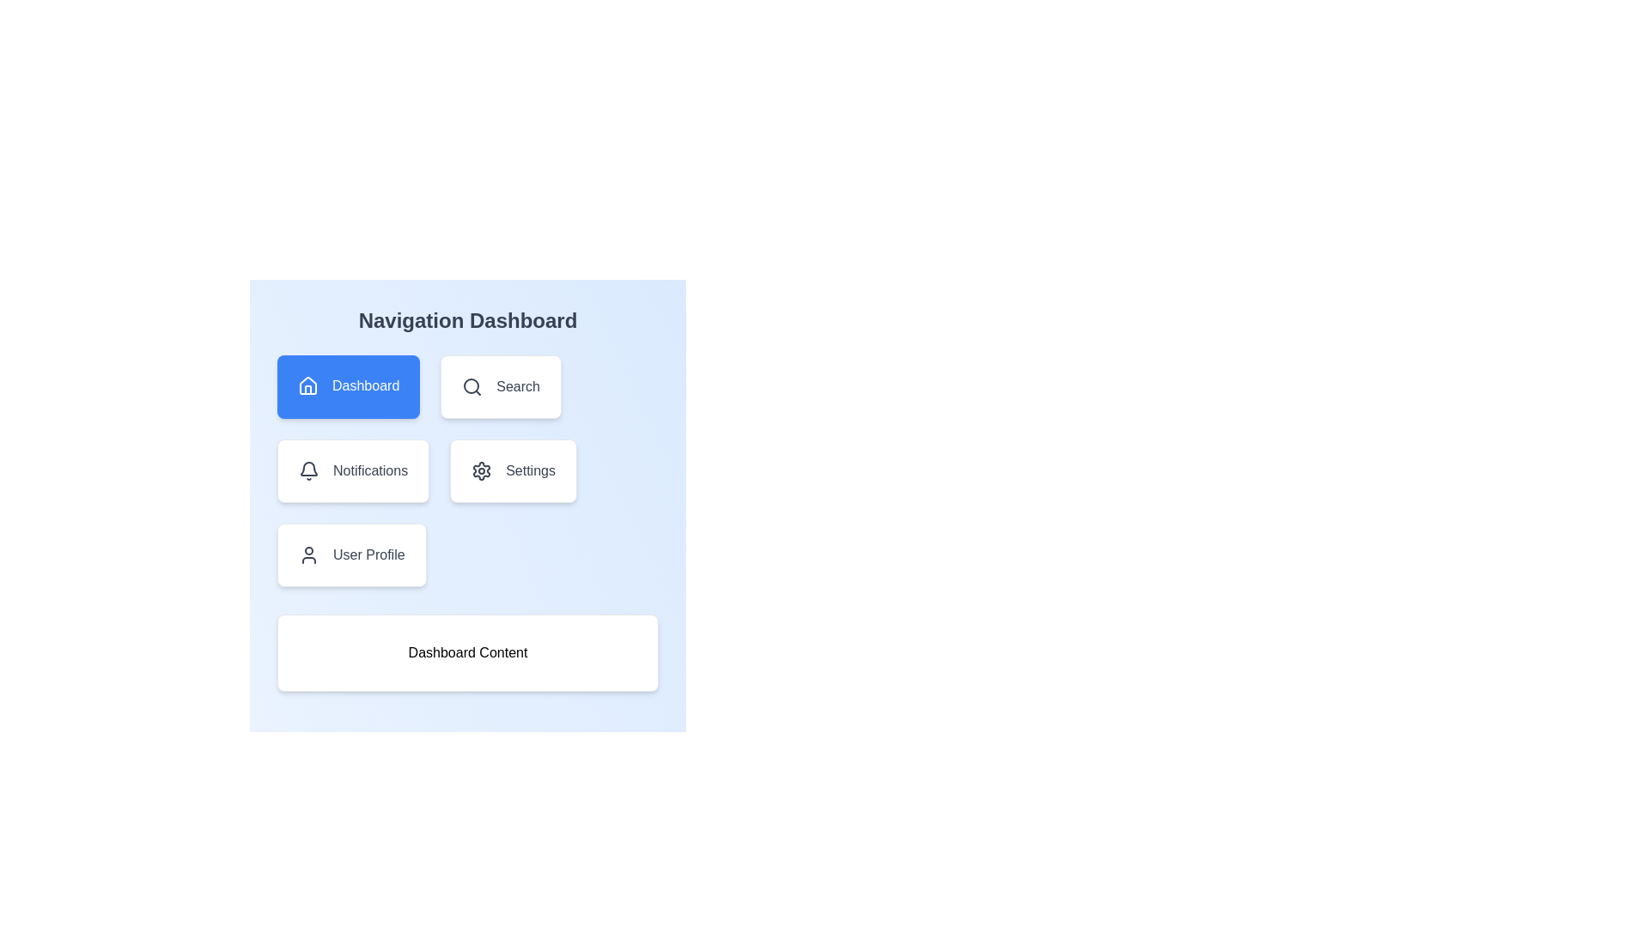 This screenshot has width=1649, height=927. What do you see at coordinates (348, 387) in the screenshot?
I see `the blue 'Dashboard' button located in the top-left quadrant of the interface` at bounding box center [348, 387].